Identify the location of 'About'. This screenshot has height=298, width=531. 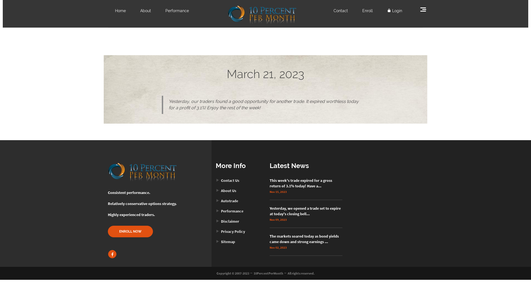
(145, 10).